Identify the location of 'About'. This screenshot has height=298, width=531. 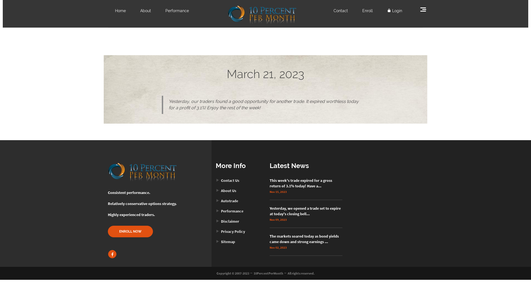
(145, 10).